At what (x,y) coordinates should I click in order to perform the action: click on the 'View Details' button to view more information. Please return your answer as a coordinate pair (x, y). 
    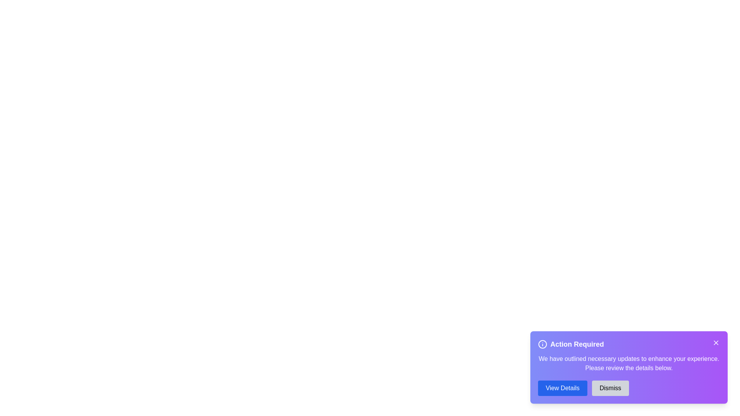
    Looking at the image, I should click on (562, 388).